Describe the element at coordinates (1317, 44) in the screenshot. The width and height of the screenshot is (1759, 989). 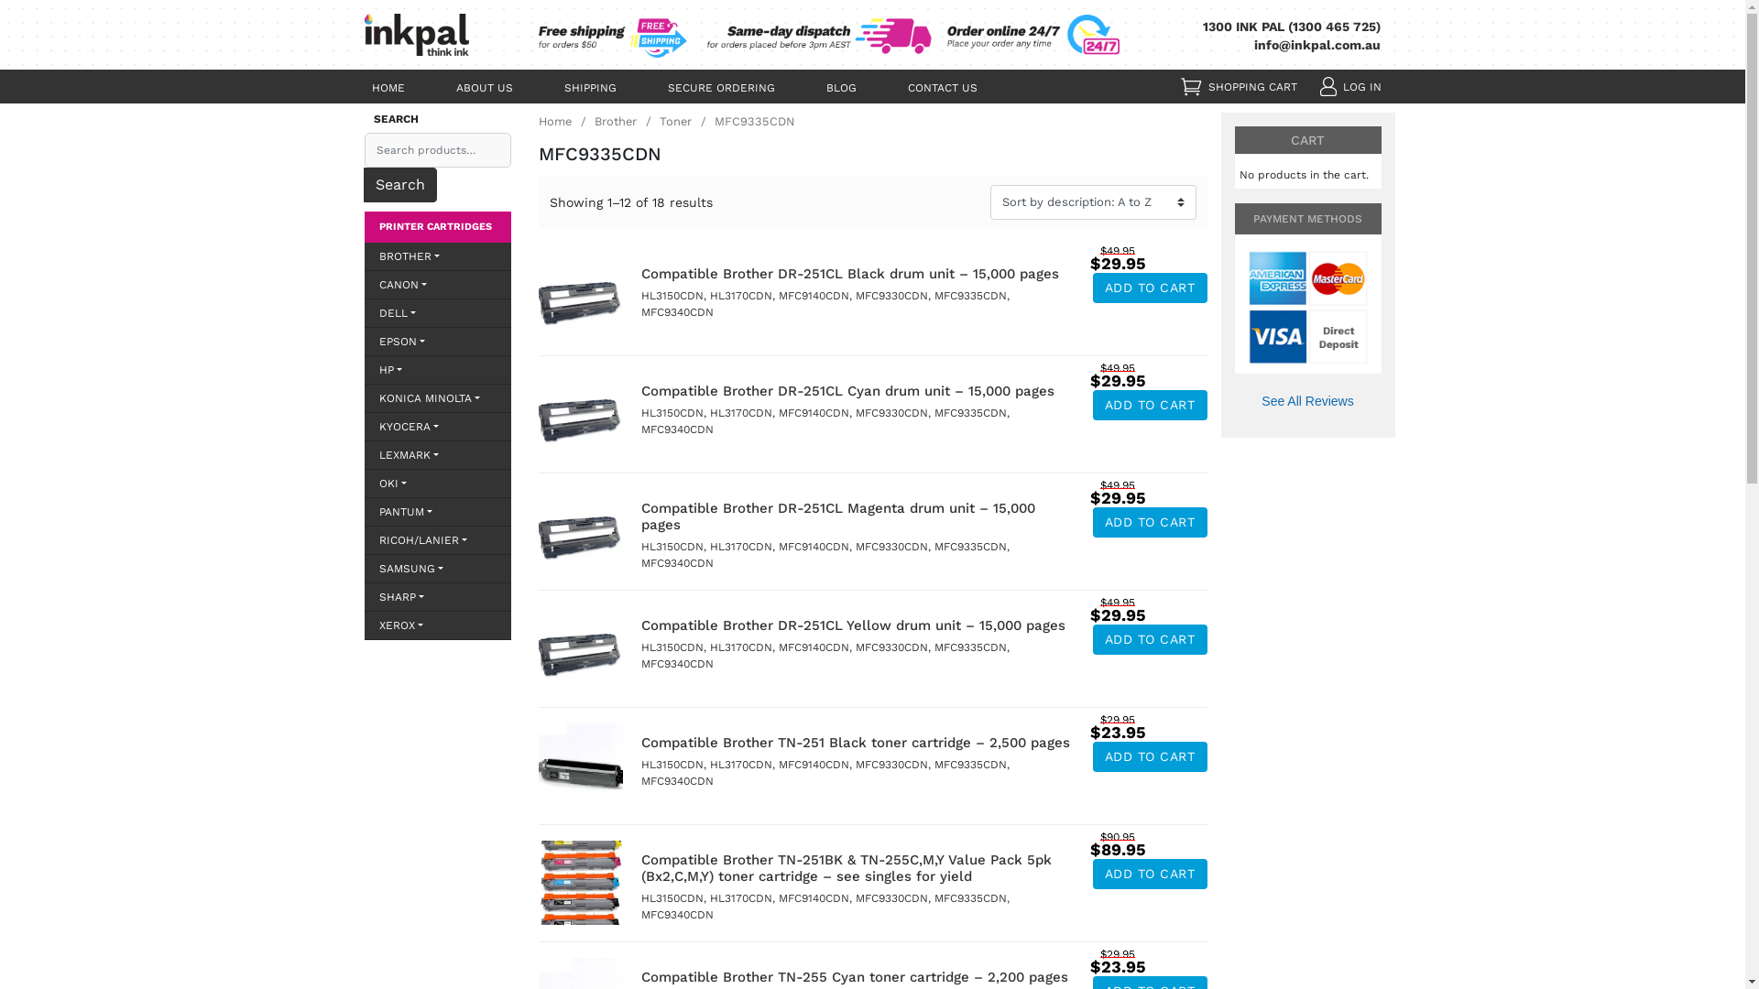
I see `'info@inkpal.com.au'` at that location.